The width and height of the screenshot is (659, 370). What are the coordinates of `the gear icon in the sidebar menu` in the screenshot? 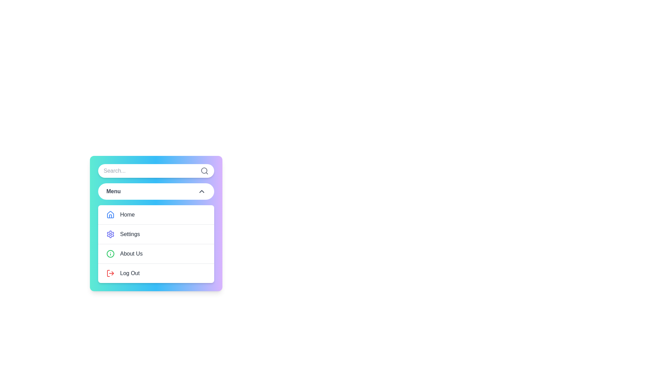 It's located at (110, 234).